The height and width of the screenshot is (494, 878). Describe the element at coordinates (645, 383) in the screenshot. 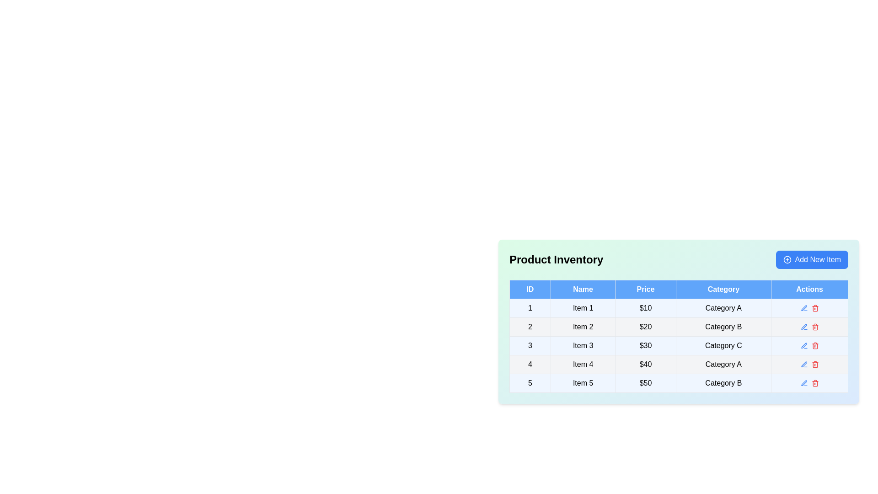

I see `the static text label displaying the price value for 'Item 5' in the table, located in the 'Price' column of the fifth row` at that location.